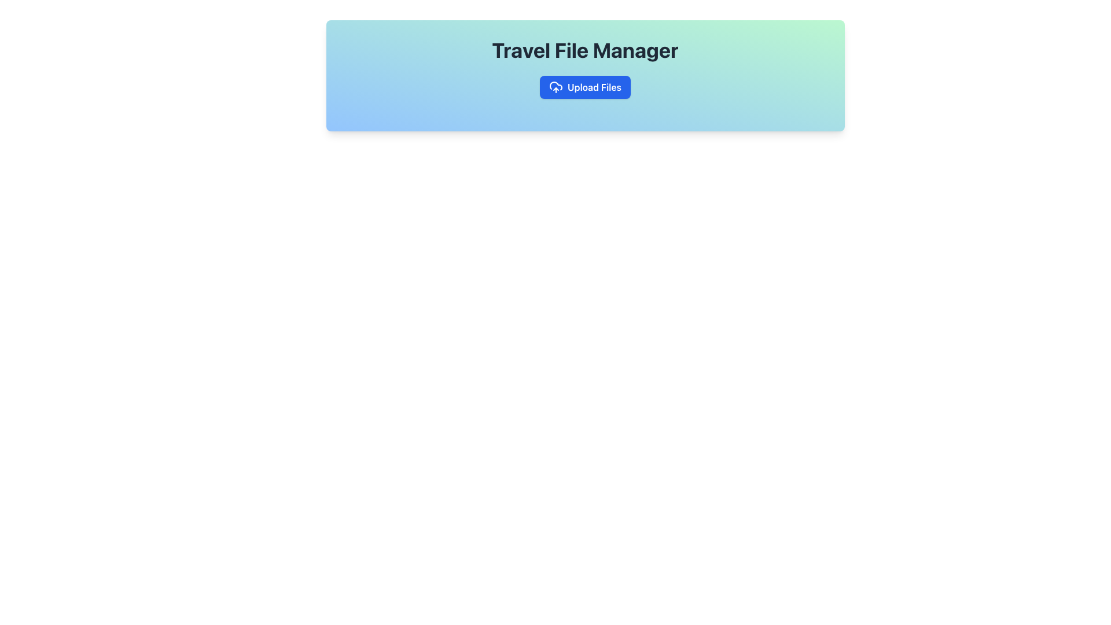 The image size is (1111, 625). What do you see at coordinates (585, 86) in the screenshot?
I see `the upload button located beneath the 'Travel File Manager' heading to initiate the file upload process` at bounding box center [585, 86].